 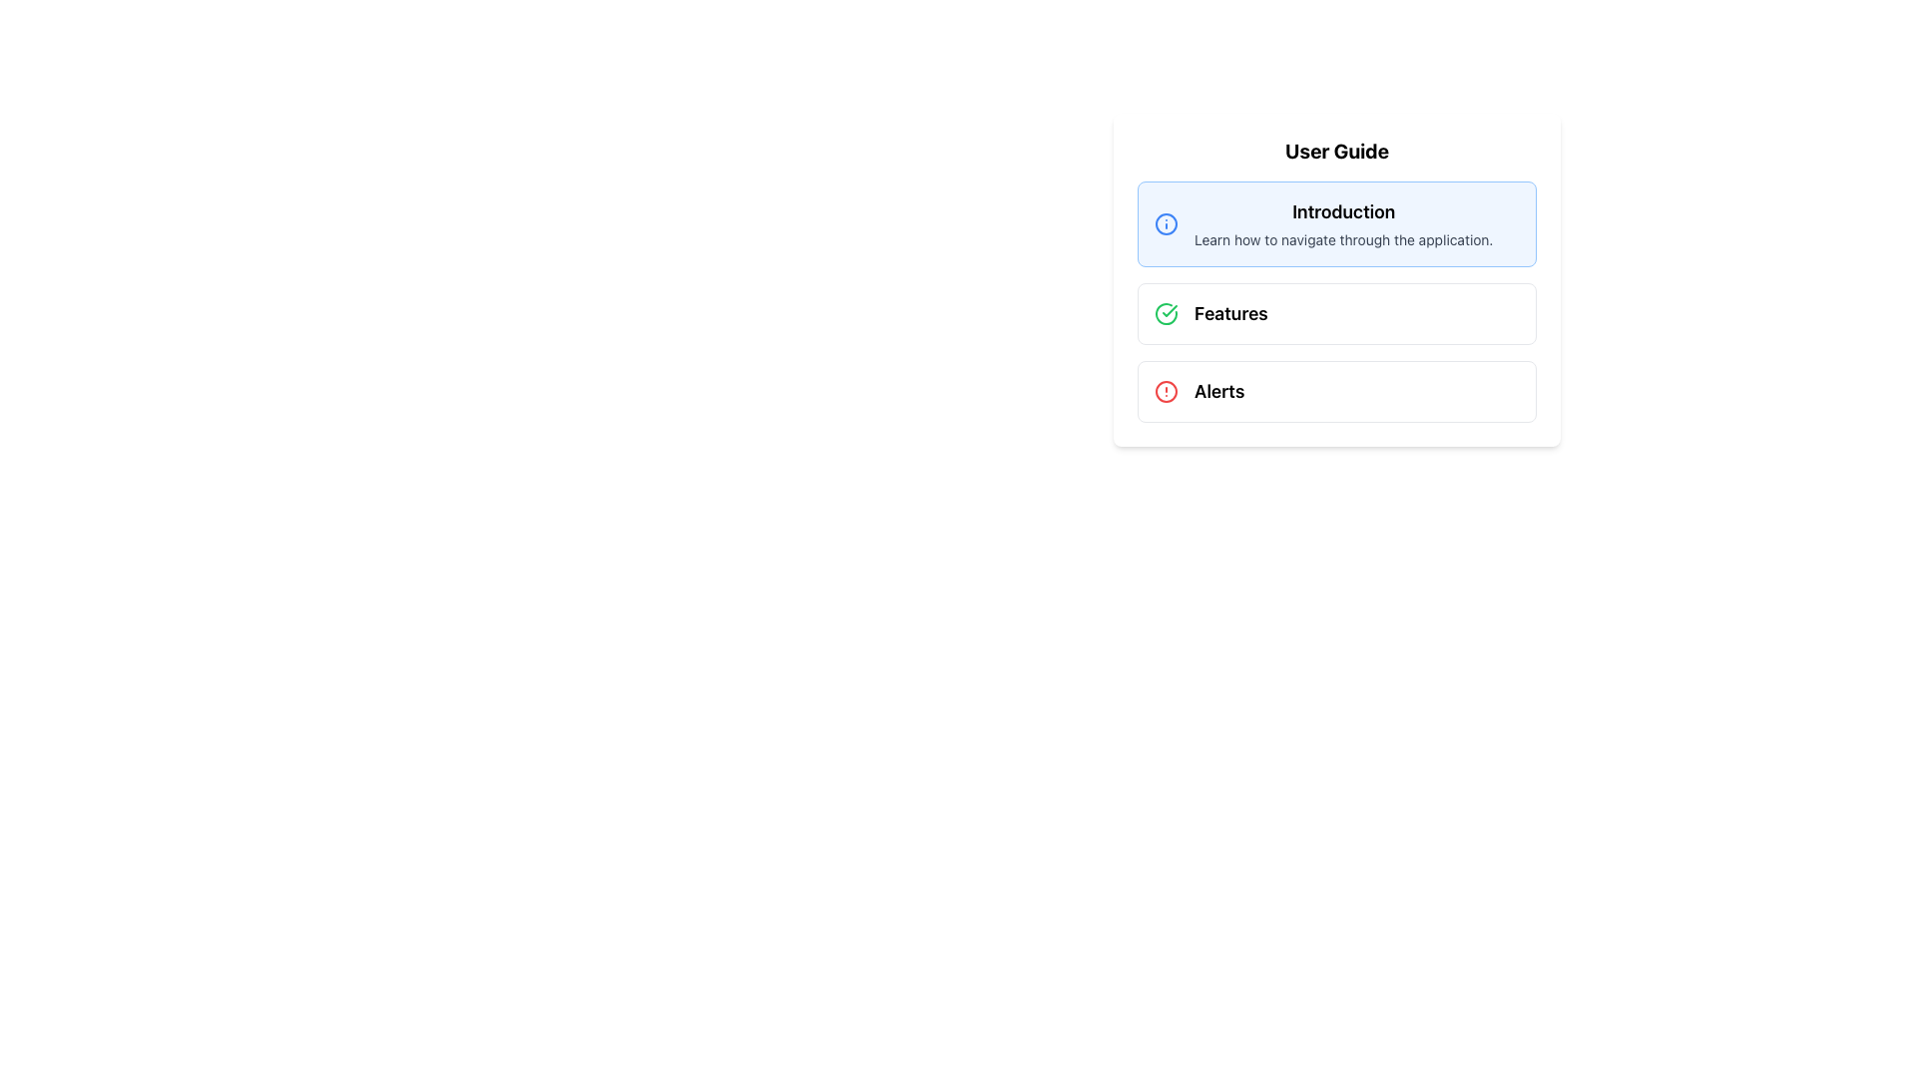 What do you see at coordinates (1343, 238) in the screenshot?
I see `the static text element that reads 'Learn how to navigate through the application.', which is positioned beneath the bold title 'Introduction' in the top section of the interface` at bounding box center [1343, 238].